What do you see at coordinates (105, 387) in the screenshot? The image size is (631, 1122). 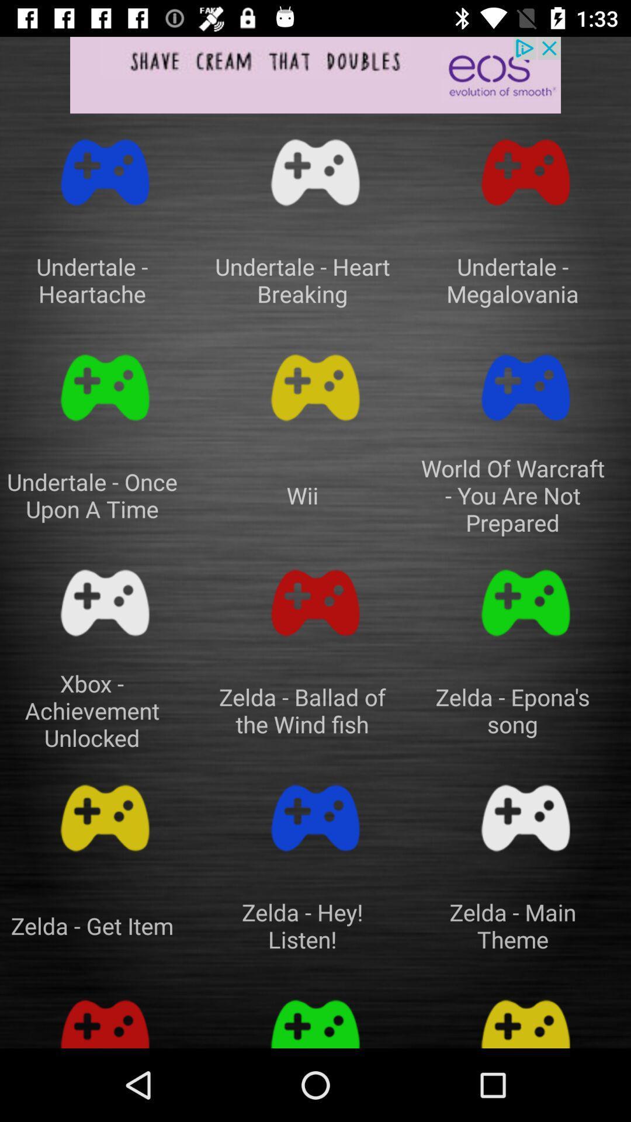 I see `undertale-once upon a time theme for video games` at bounding box center [105, 387].